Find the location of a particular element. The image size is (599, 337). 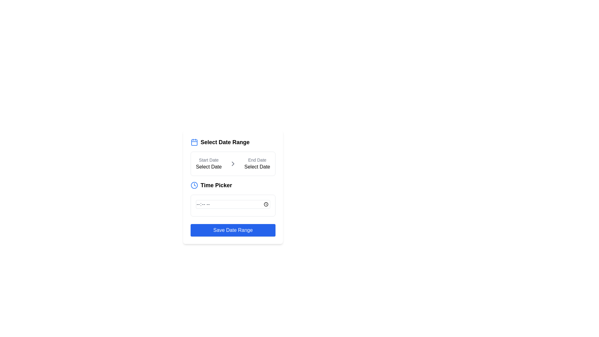

the 'End Date' static text label is located at coordinates (257, 160).